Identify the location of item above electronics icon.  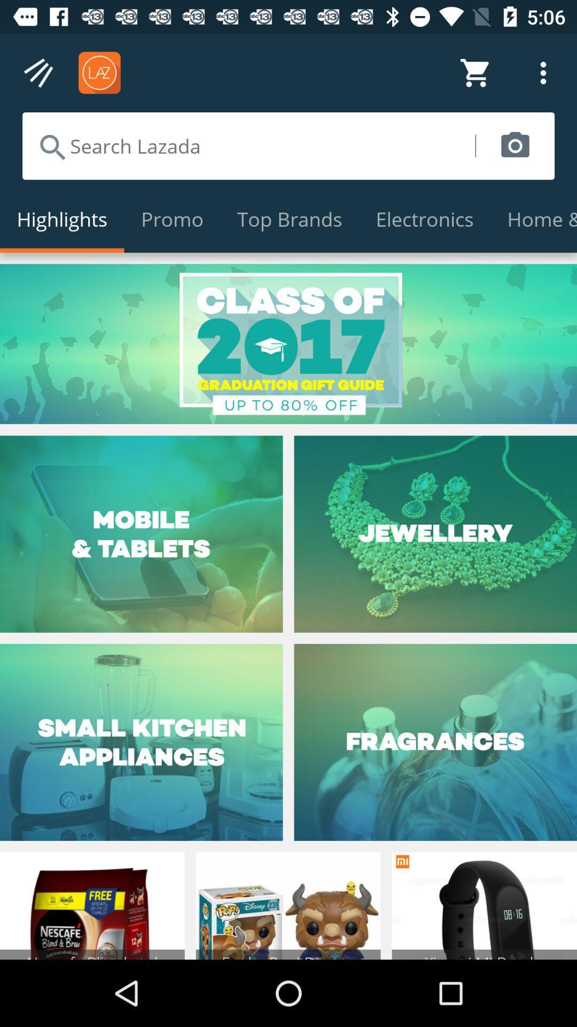
(514, 145).